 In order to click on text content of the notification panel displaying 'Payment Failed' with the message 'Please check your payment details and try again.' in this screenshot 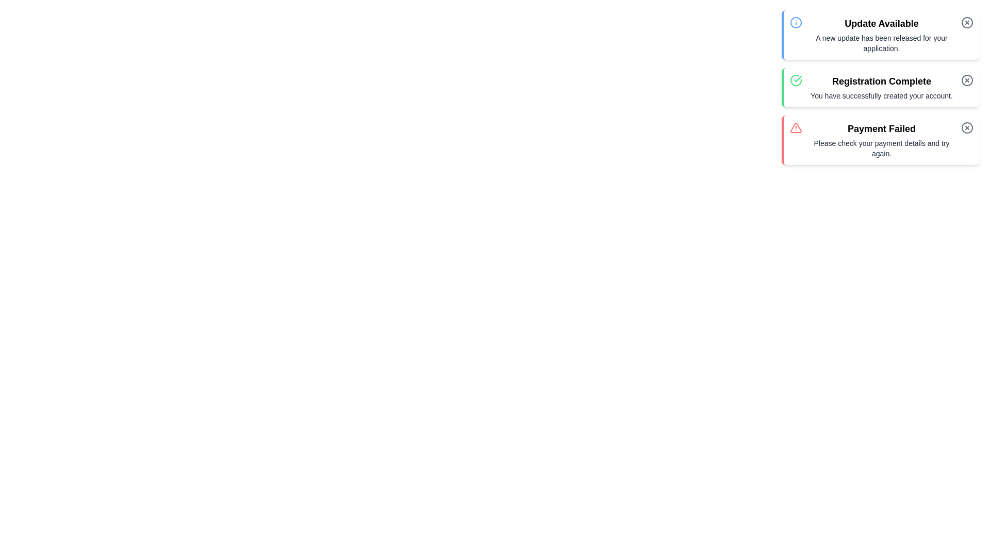, I will do `click(881, 140)`.